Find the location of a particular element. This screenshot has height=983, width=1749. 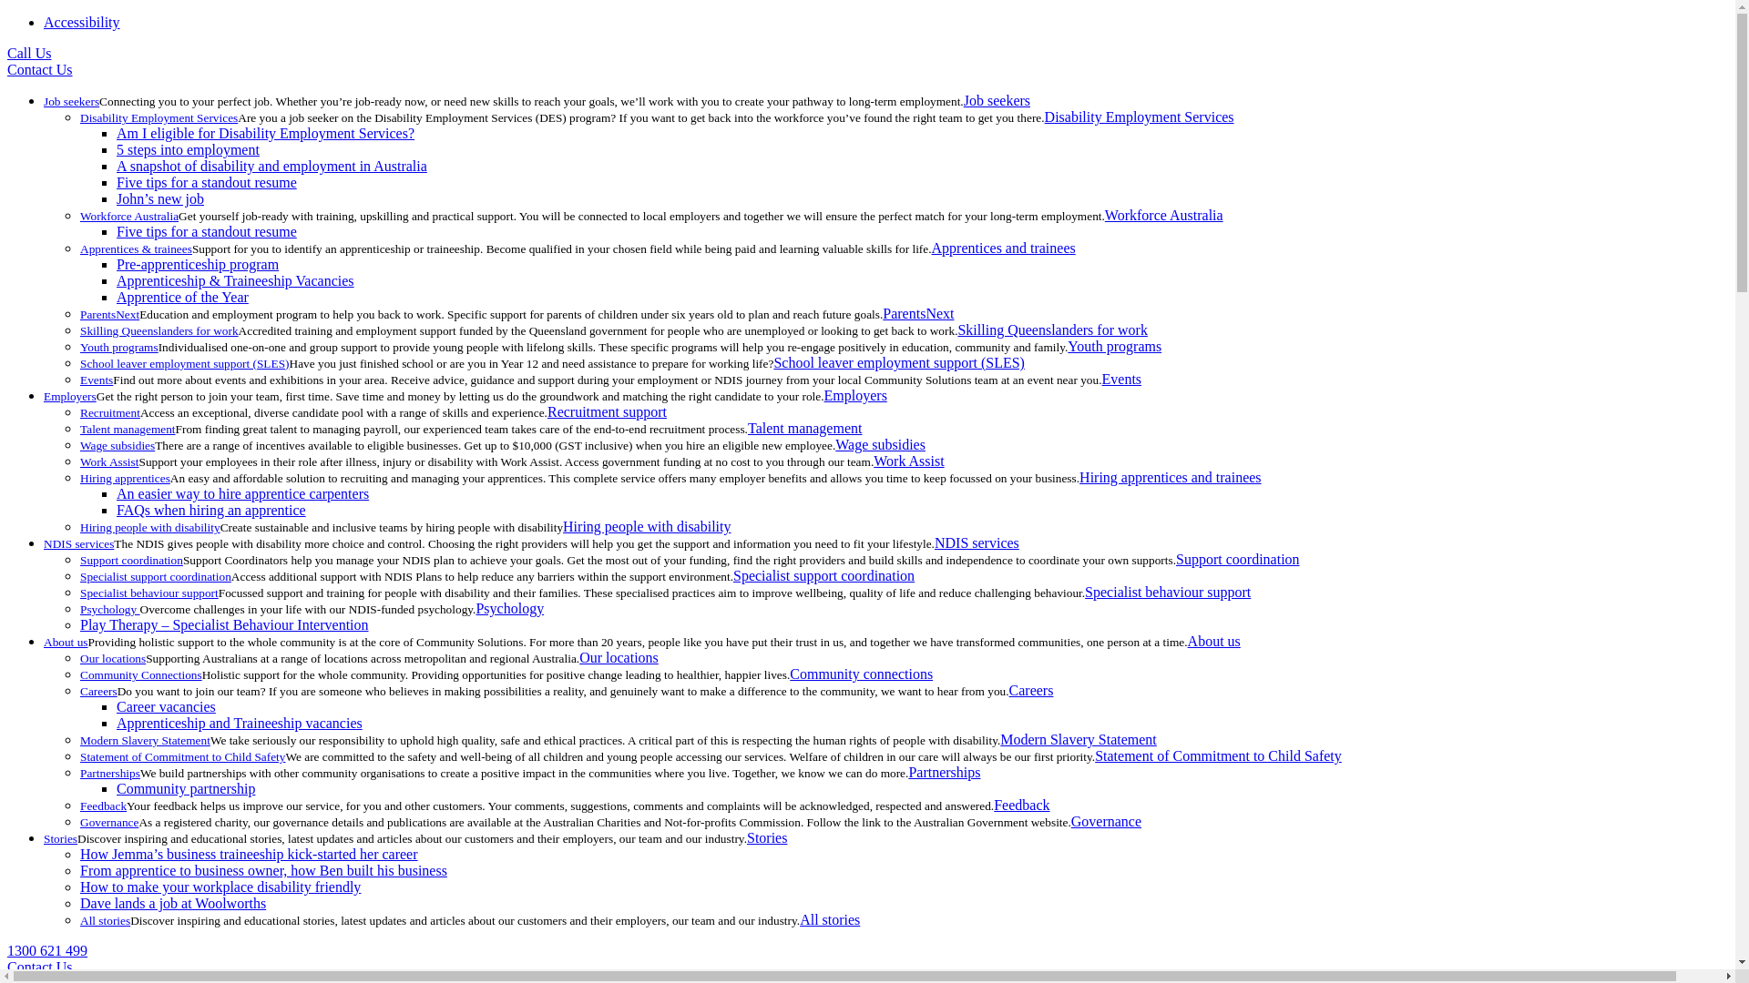

'1300 621 499' is located at coordinates (47, 949).